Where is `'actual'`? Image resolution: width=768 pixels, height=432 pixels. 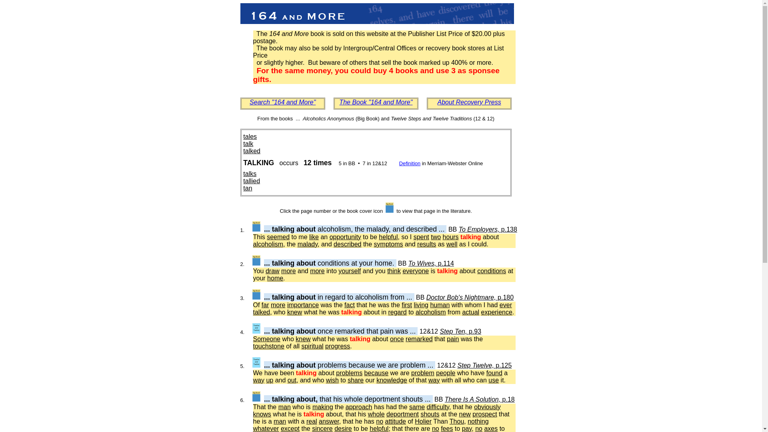
'actual' is located at coordinates (462, 312).